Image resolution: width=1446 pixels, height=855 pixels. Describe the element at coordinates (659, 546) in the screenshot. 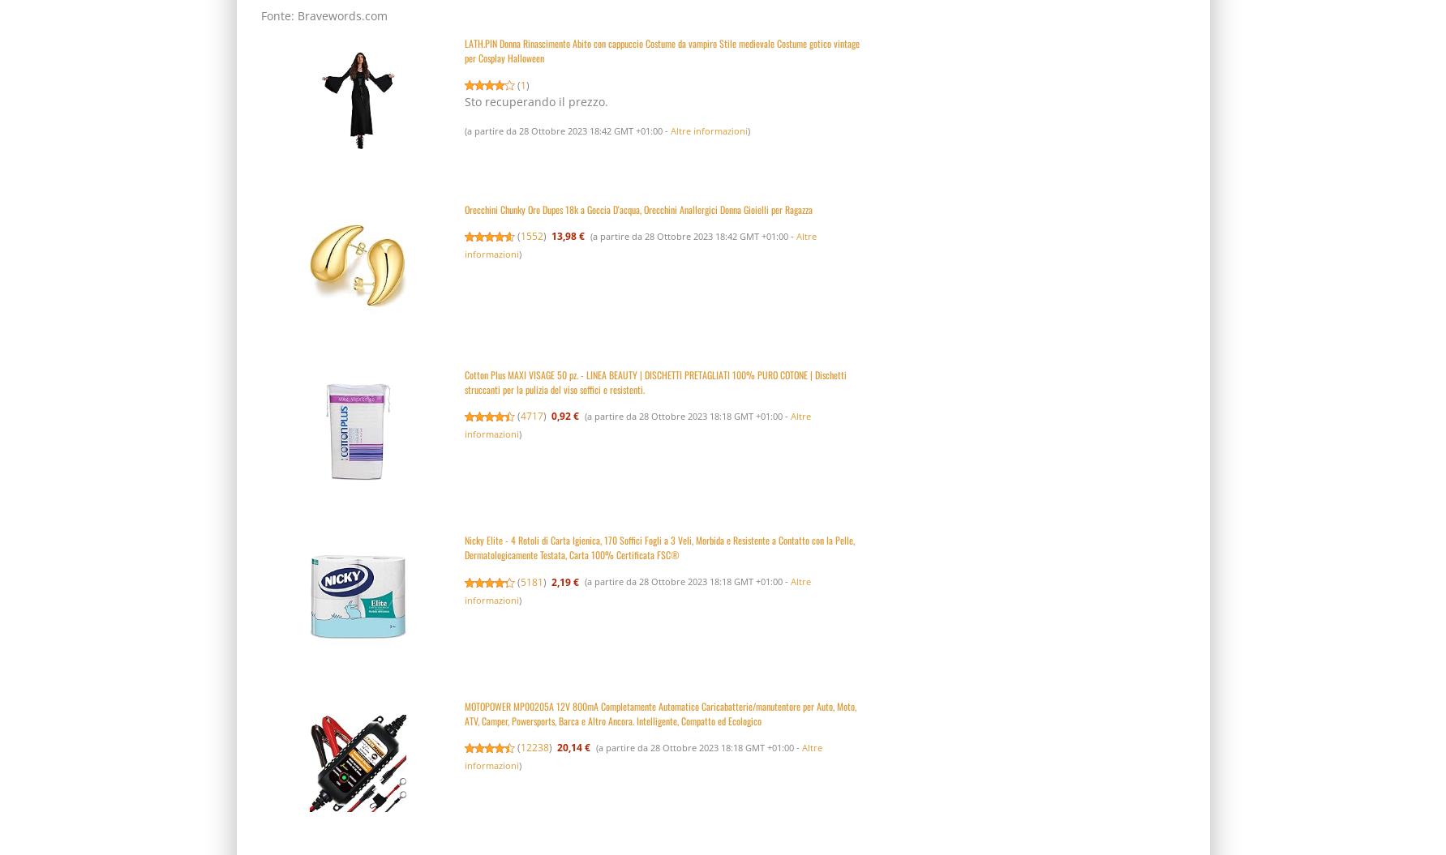

I see `'Nicky Elite - 4 Rotoli di Carta Igienica, 170 Soffici Fogli a 3 Veli, Morbida e Resistente a Contatto con la Pelle, Dermatologicamente Testata, Carta 100% Certificata FSC®'` at that location.